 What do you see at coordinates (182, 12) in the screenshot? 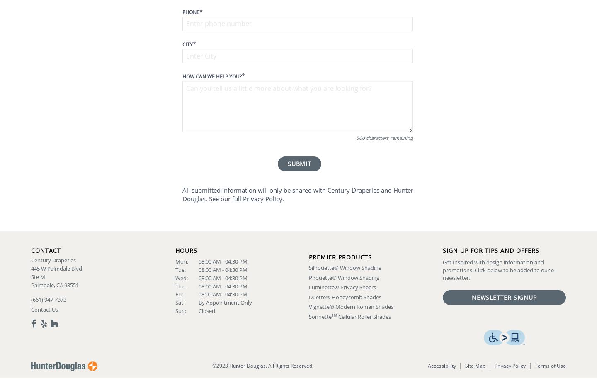
I see `'Phone'` at bounding box center [182, 12].